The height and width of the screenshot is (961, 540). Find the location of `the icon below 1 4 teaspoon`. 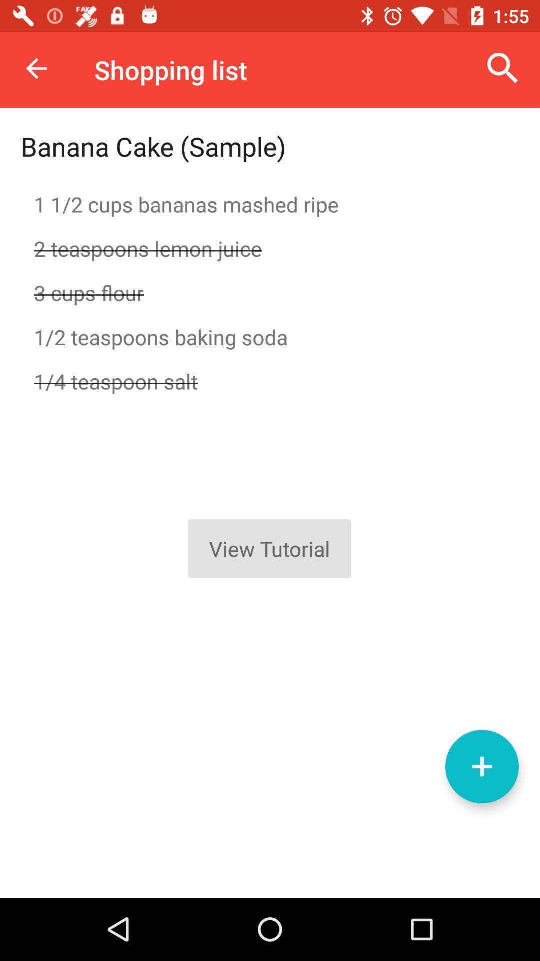

the icon below 1 4 teaspoon is located at coordinates (481, 766).